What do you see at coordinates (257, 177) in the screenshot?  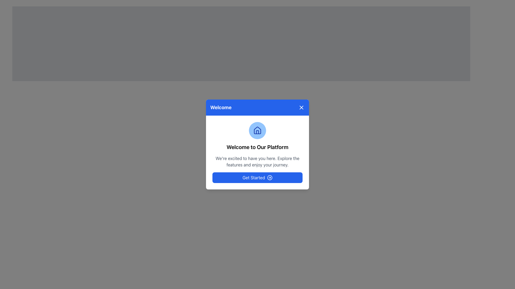 I see `the call-to-action button located at the bottom section of the centered modal box` at bounding box center [257, 177].